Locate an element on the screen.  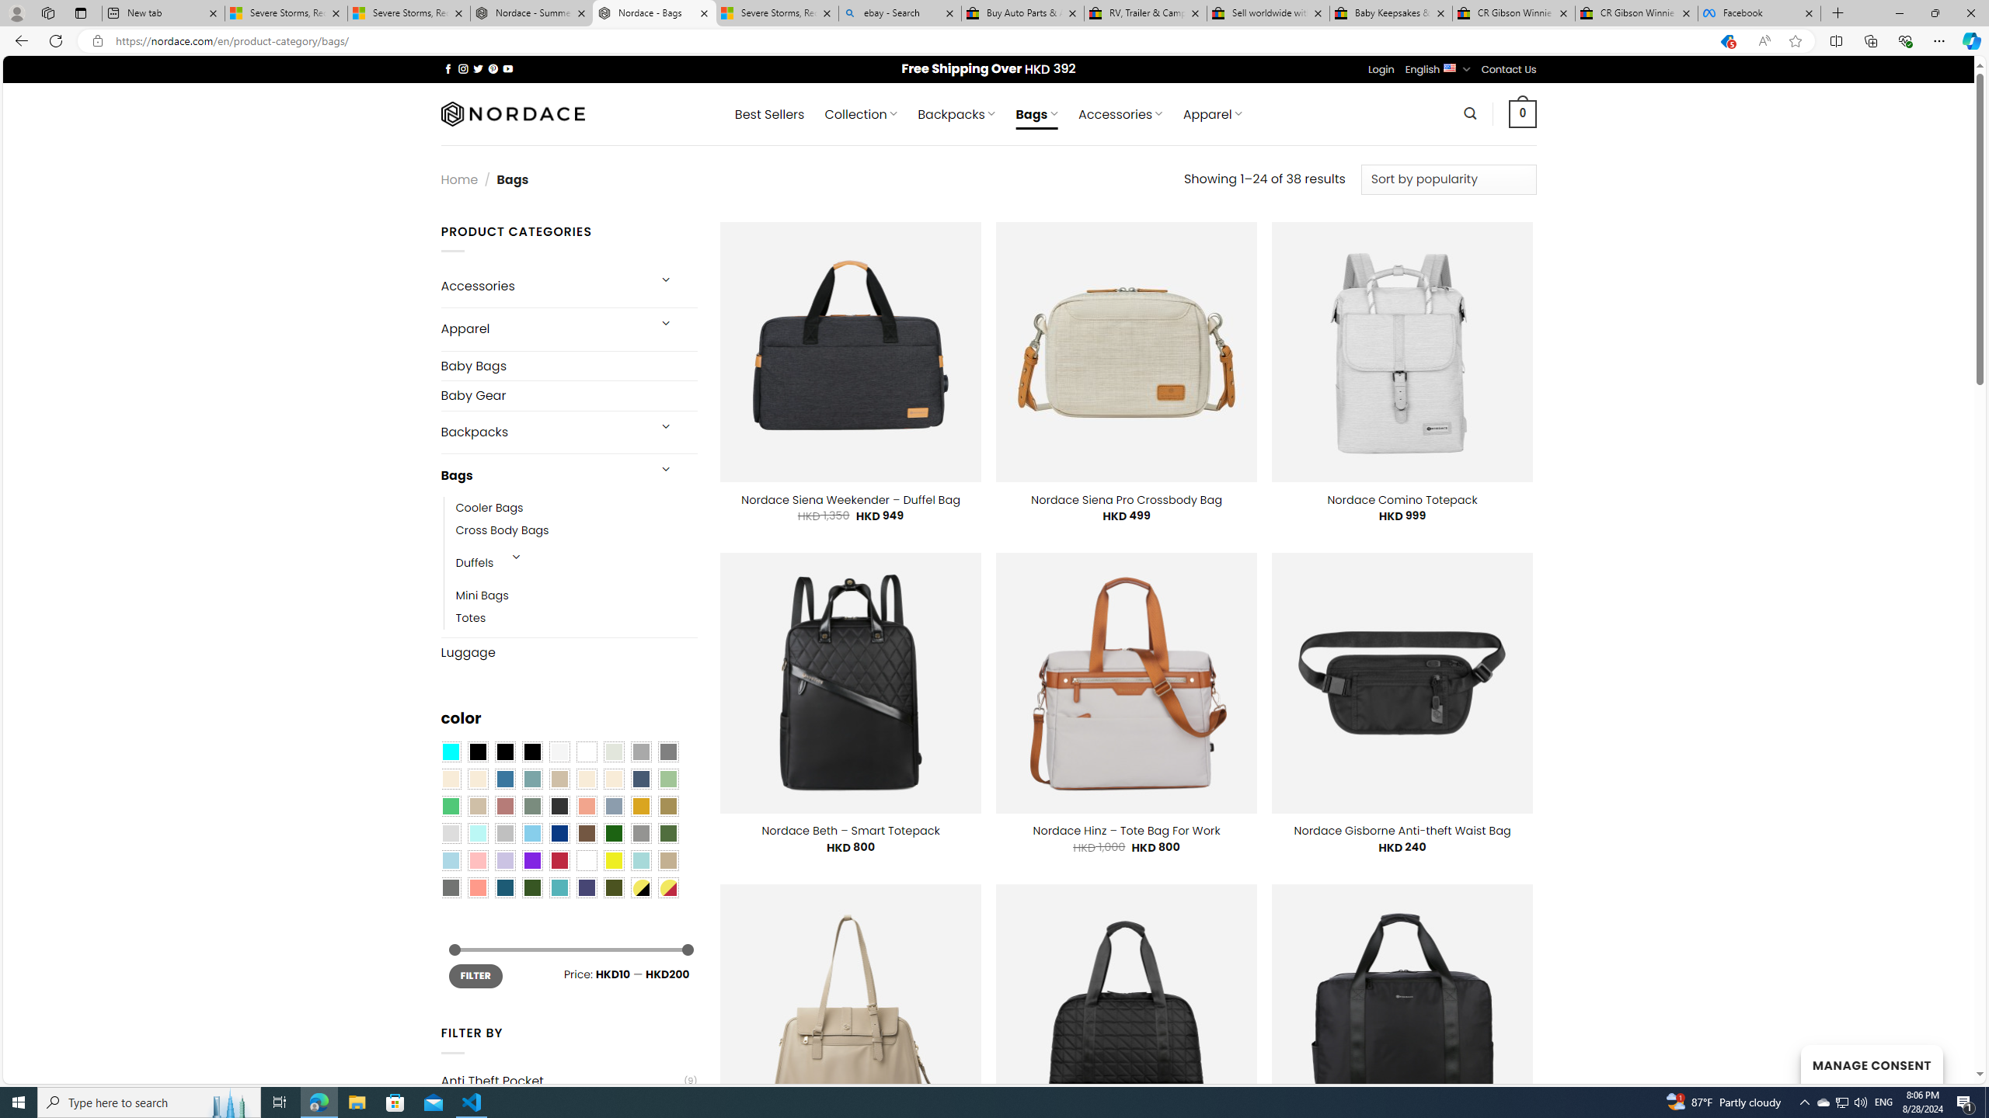
'Gold' is located at coordinates (639, 805).